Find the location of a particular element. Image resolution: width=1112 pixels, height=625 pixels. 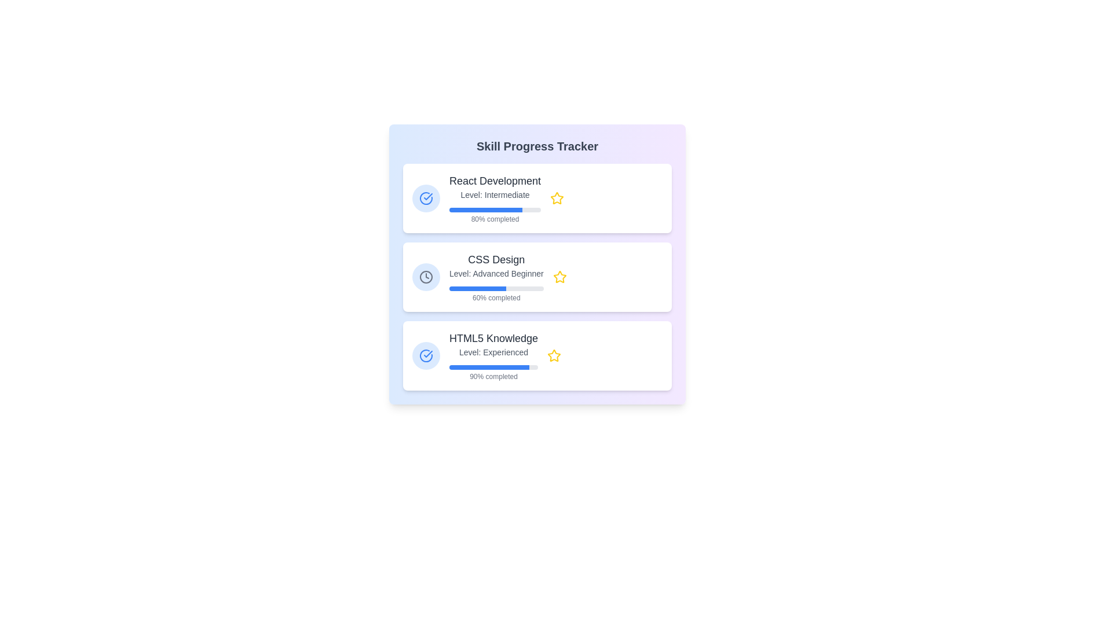

the small circular clock icon with a gray outline located to the left of the CSS Design item's text in the Skill Progress Tracker interface is located at coordinates (425, 277).